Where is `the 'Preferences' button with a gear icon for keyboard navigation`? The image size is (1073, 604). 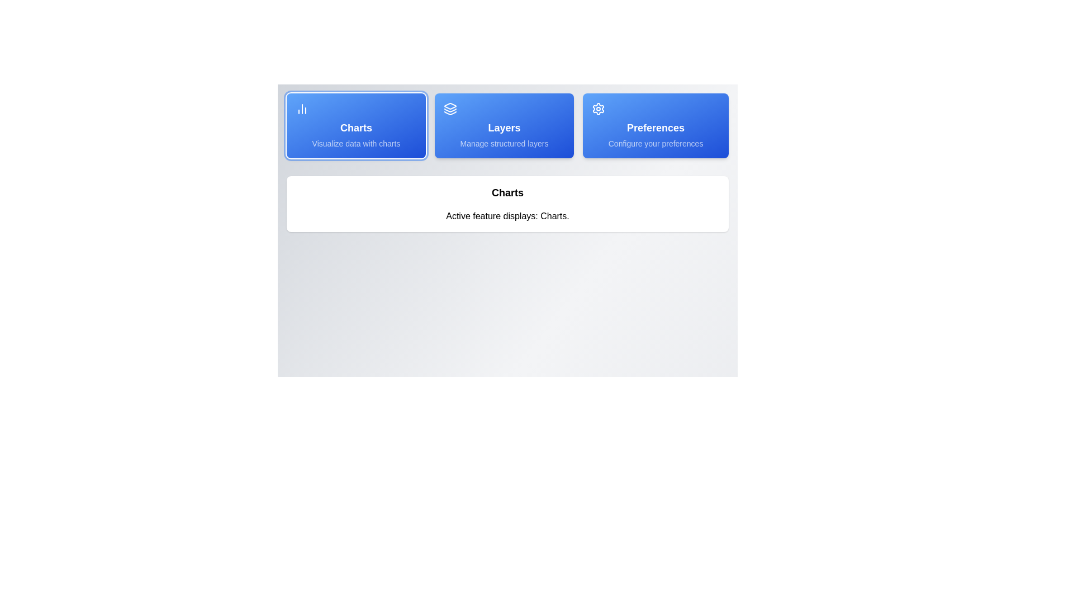 the 'Preferences' button with a gear icon for keyboard navigation is located at coordinates (656, 125).